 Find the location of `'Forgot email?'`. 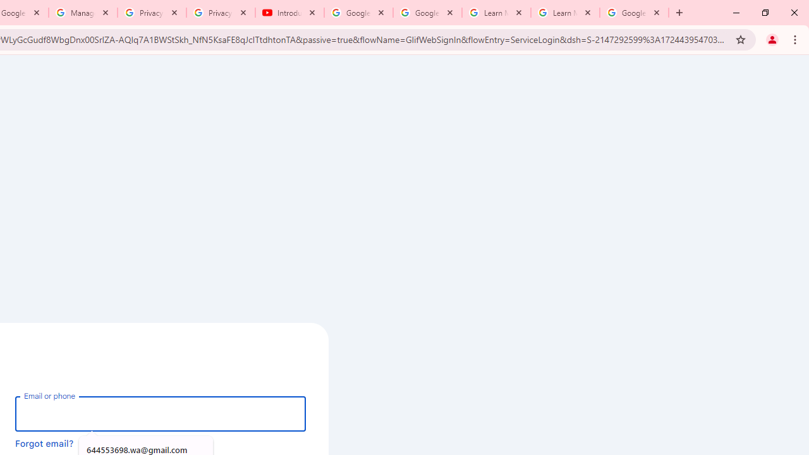

'Forgot email?' is located at coordinates (44, 442).